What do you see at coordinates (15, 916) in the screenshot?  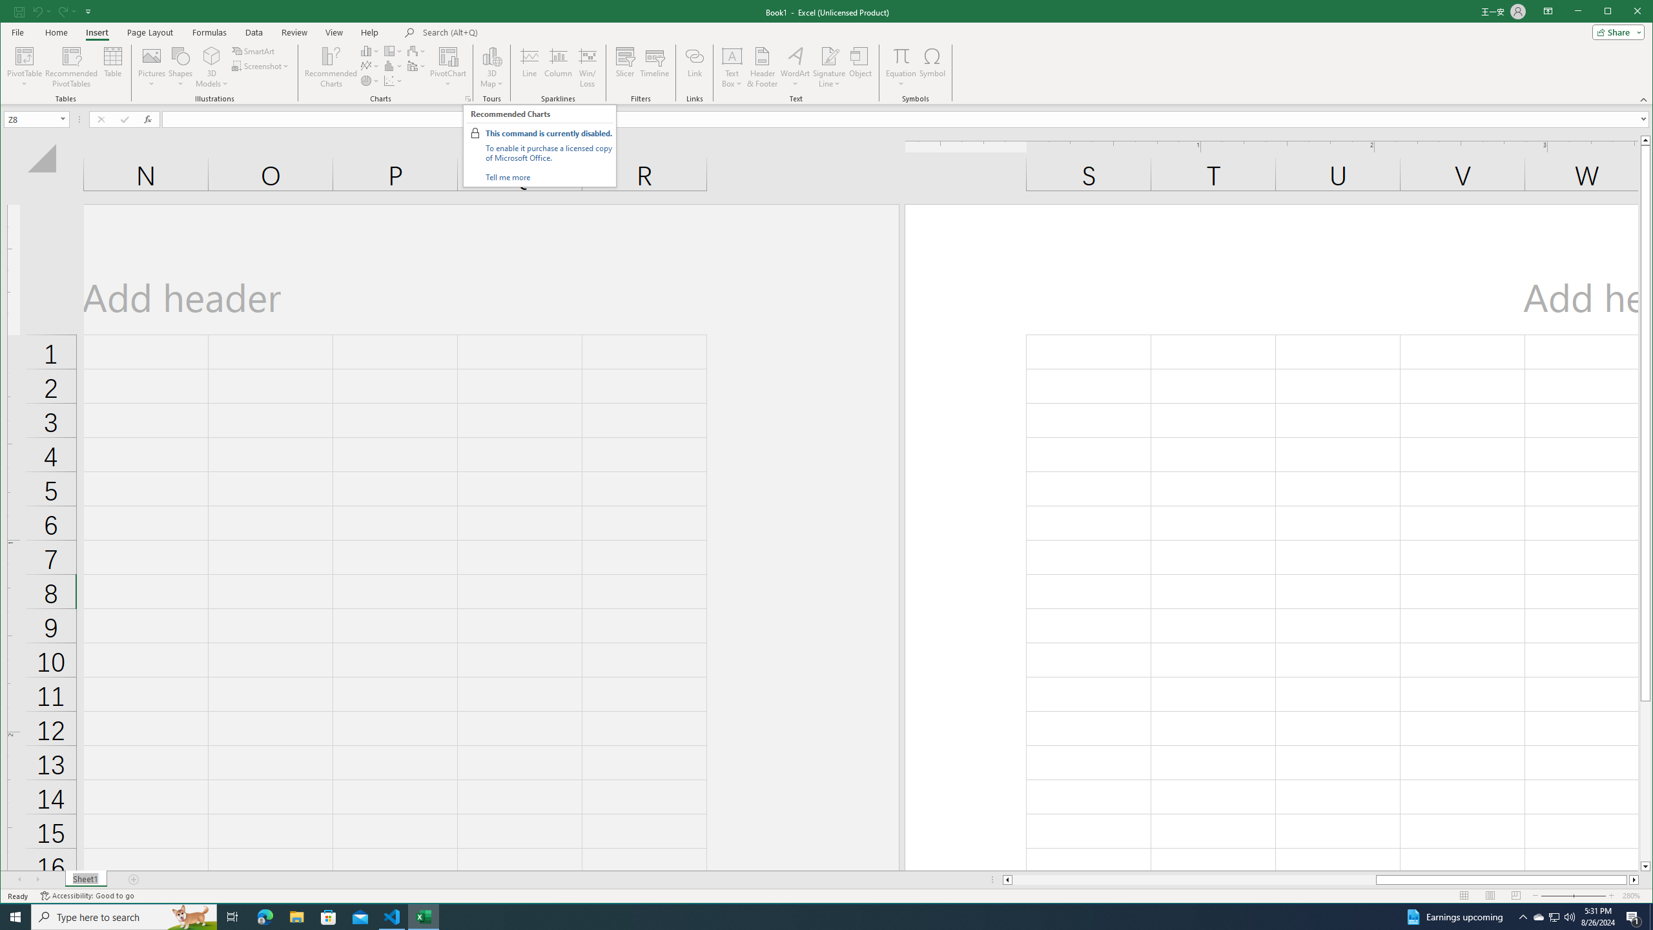 I see `'Start'` at bounding box center [15, 916].